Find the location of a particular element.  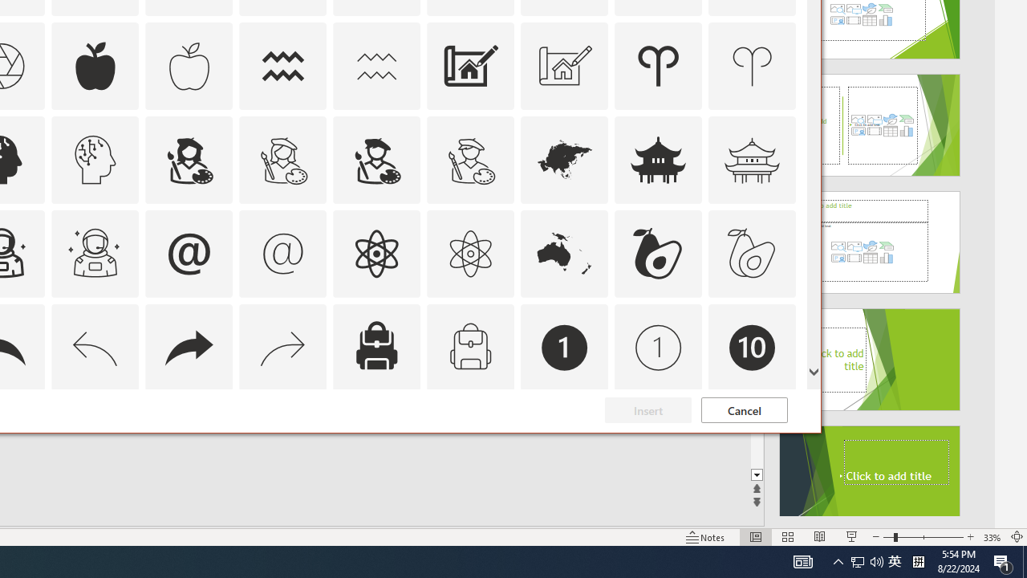

'AutomationID: Icons_Back_LTR_M' is located at coordinates (95, 346).